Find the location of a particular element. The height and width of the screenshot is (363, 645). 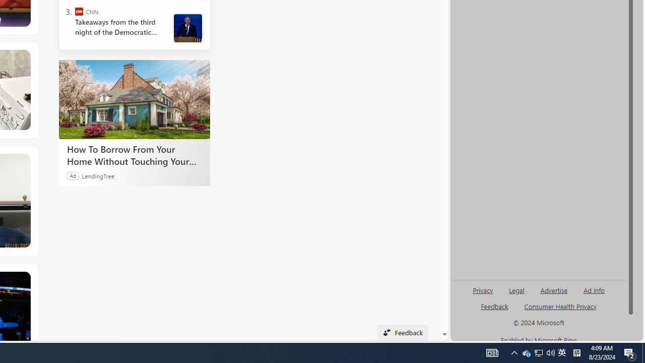

'LendingTree' is located at coordinates (98, 175).